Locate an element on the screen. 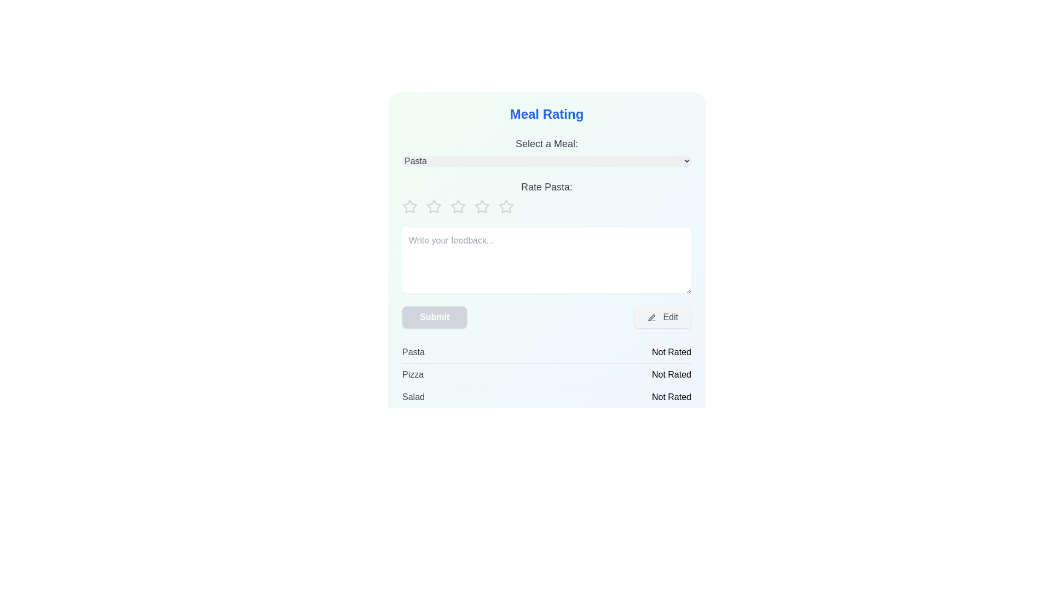 The height and width of the screenshot is (591, 1051). the static text label 'Rate Pasta:' which is prominently displayed in dark gray below the meal selection dropdown is located at coordinates (546, 187).